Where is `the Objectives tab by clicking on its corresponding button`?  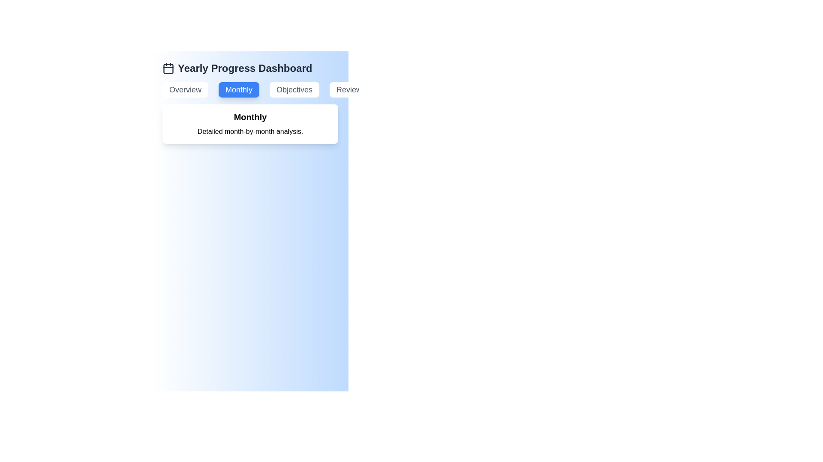 the Objectives tab by clicking on its corresponding button is located at coordinates (294, 89).